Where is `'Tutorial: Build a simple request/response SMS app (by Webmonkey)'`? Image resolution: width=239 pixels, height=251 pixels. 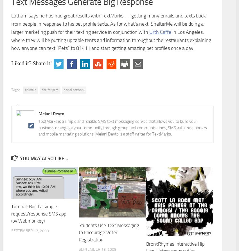 'Tutorial: Build a simple request/response SMS app (by Webmonkey)' is located at coordinates (39, 214).